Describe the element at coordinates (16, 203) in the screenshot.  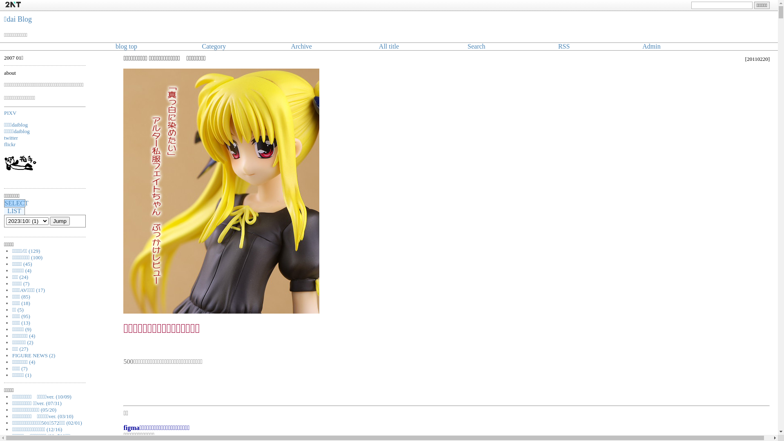
I see `'SELECT'` at that location.